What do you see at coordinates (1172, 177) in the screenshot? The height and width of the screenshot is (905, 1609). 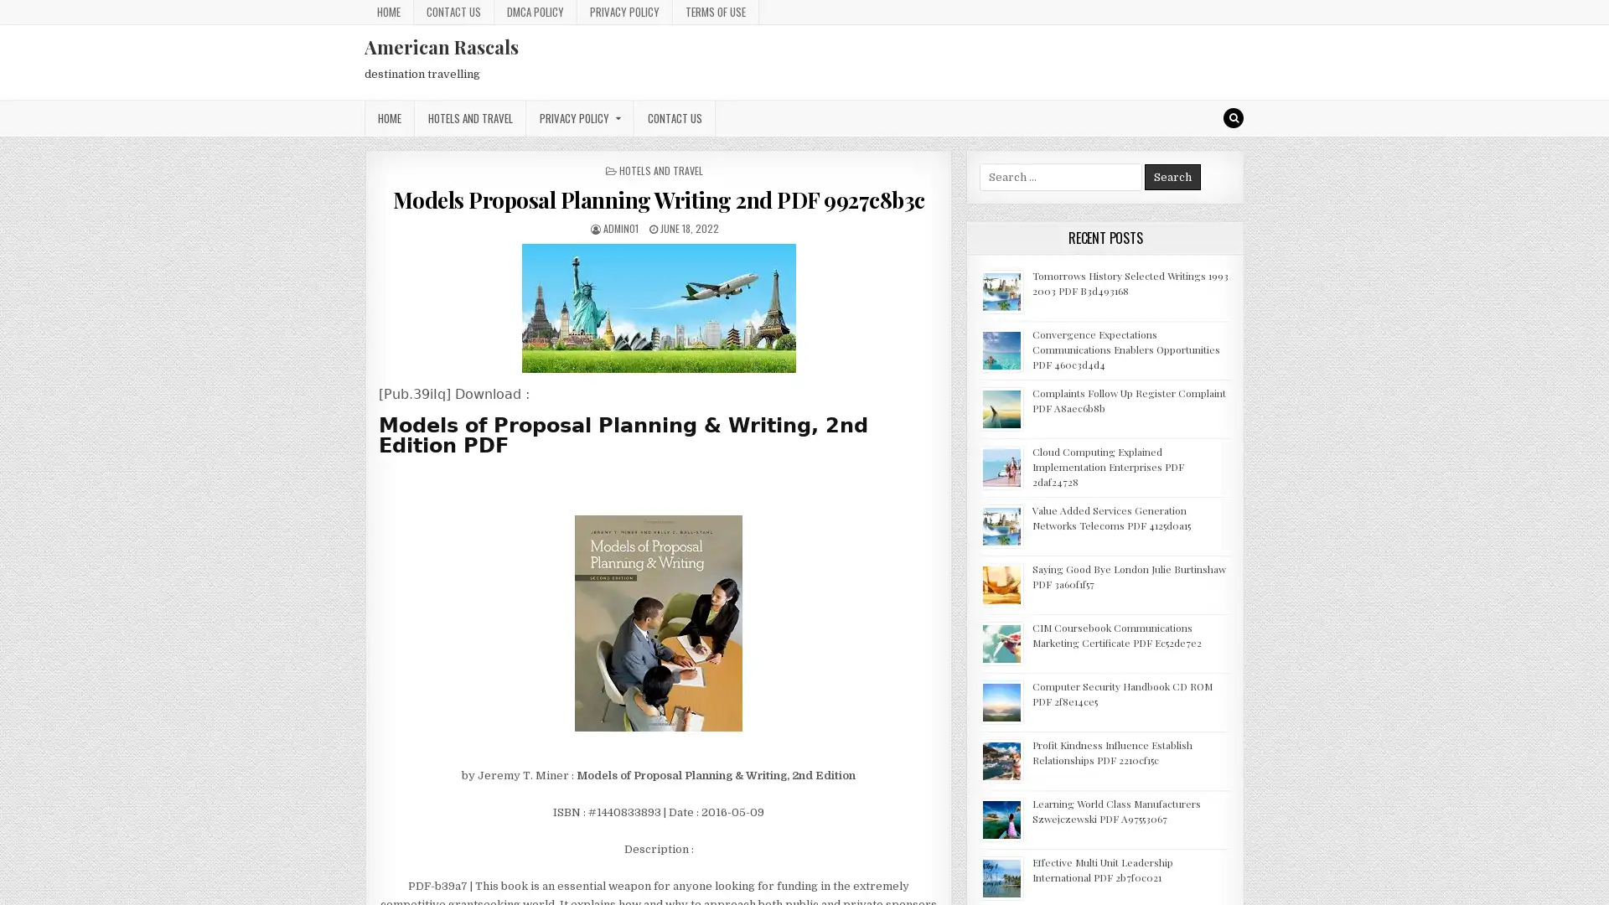 I see `Search` at bounding box center [1172, 177].